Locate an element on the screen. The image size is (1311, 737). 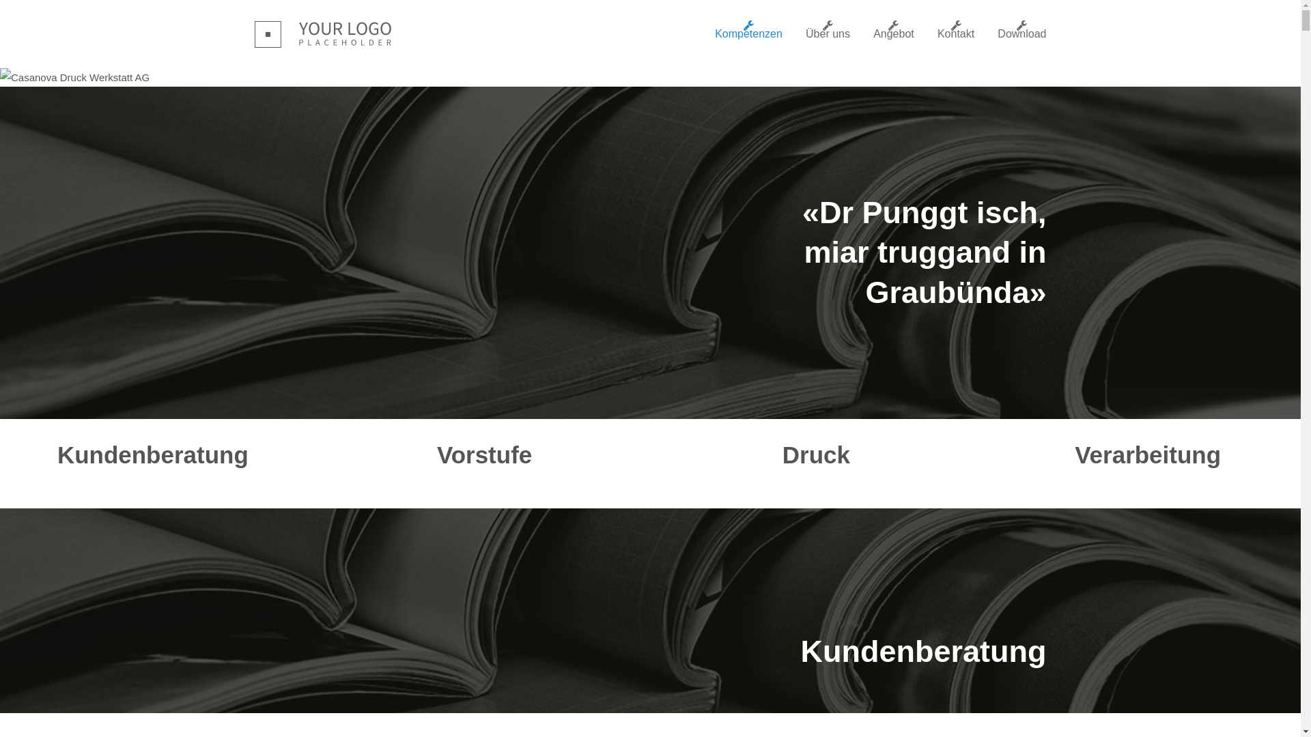
'Kundenberatung' is located at coordinates (153, 454).